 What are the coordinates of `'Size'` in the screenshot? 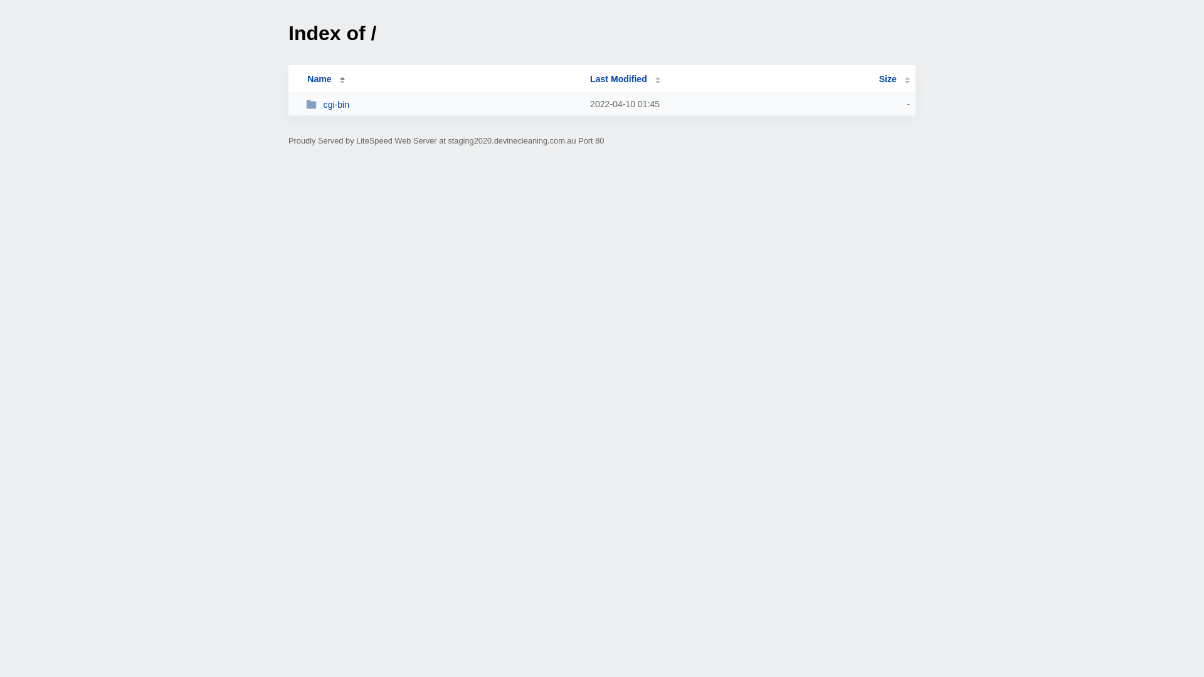 It's located at (894, 79).